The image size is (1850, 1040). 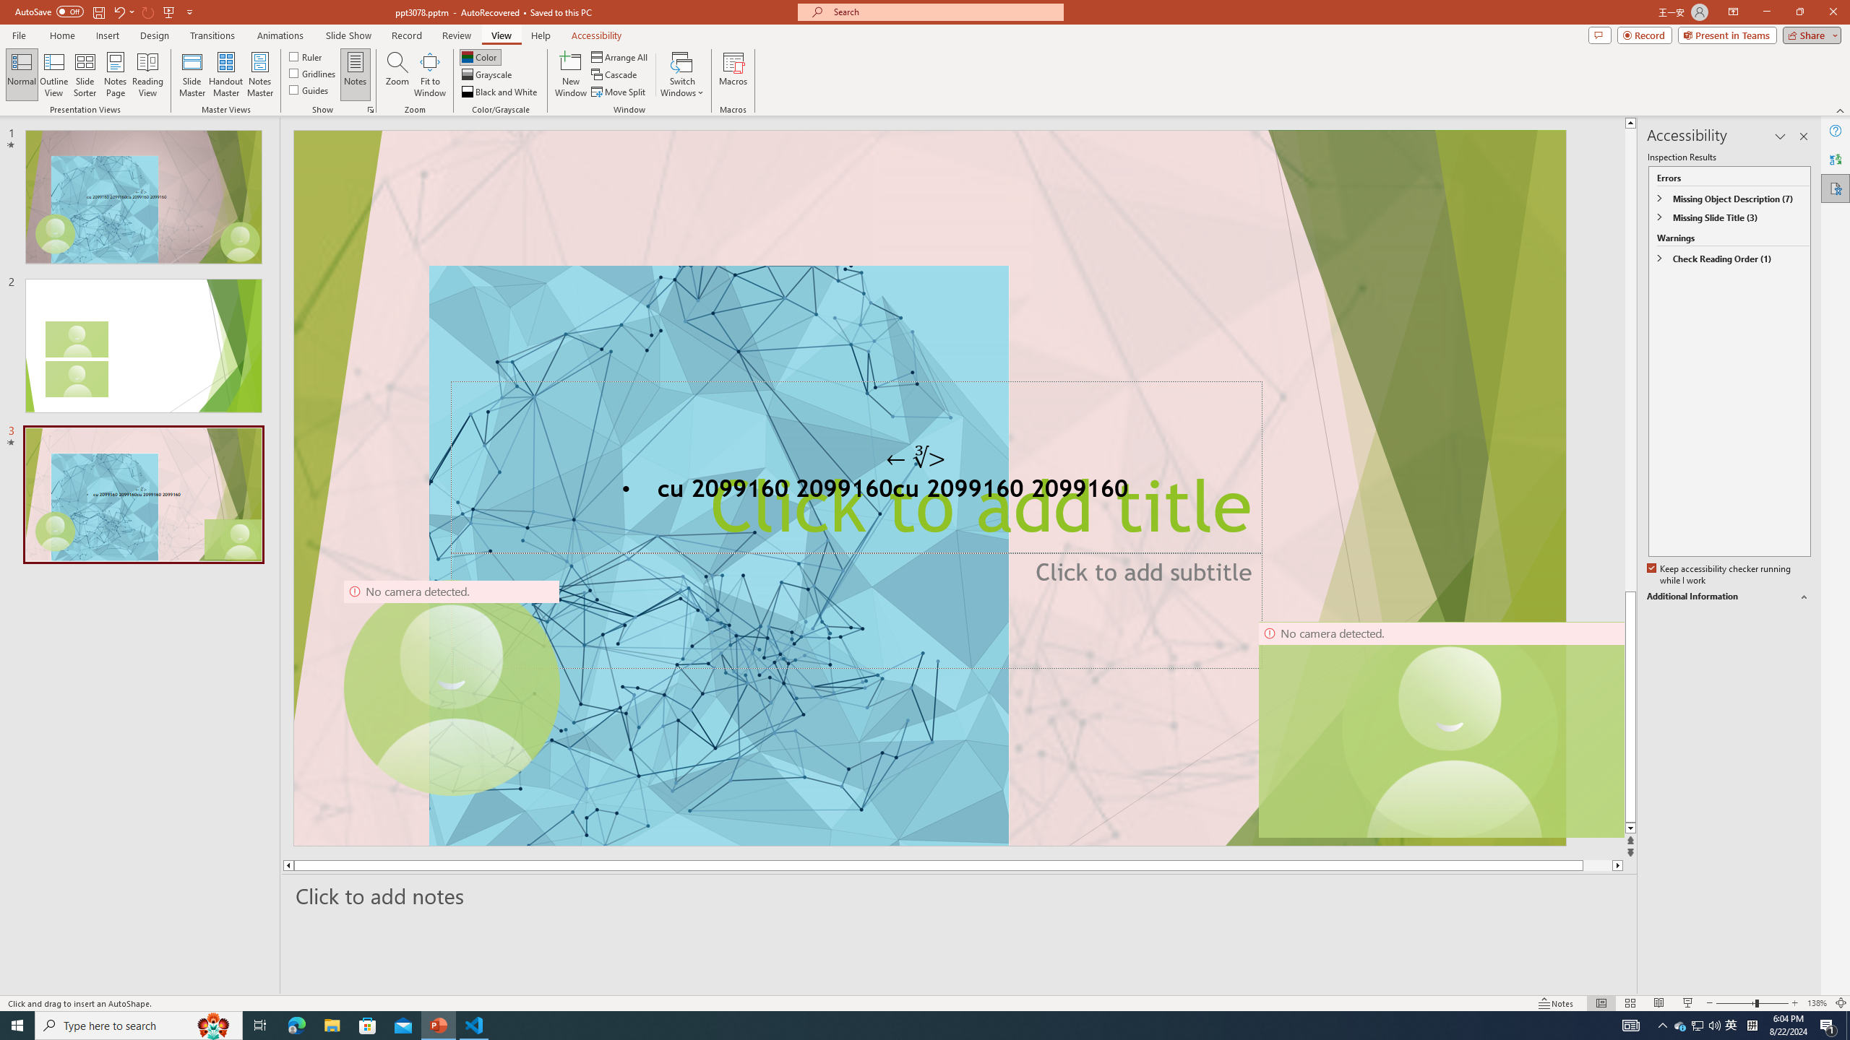 I want to click on 'Collapse the Ribbon', so click(x=1841, y=110).